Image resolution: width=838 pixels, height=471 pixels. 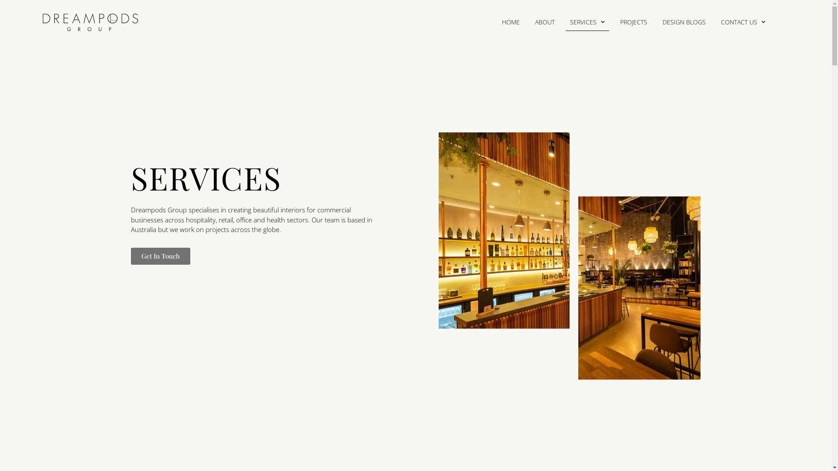 I want to click on 'CONTACT US', so click(x=743, y=21).